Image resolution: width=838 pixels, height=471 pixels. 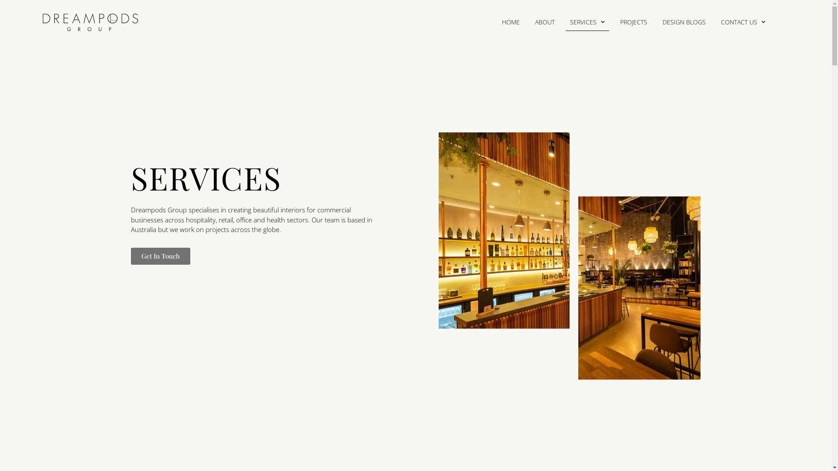 I want to click on 'CONTACT US', so click(x=743, y=21).